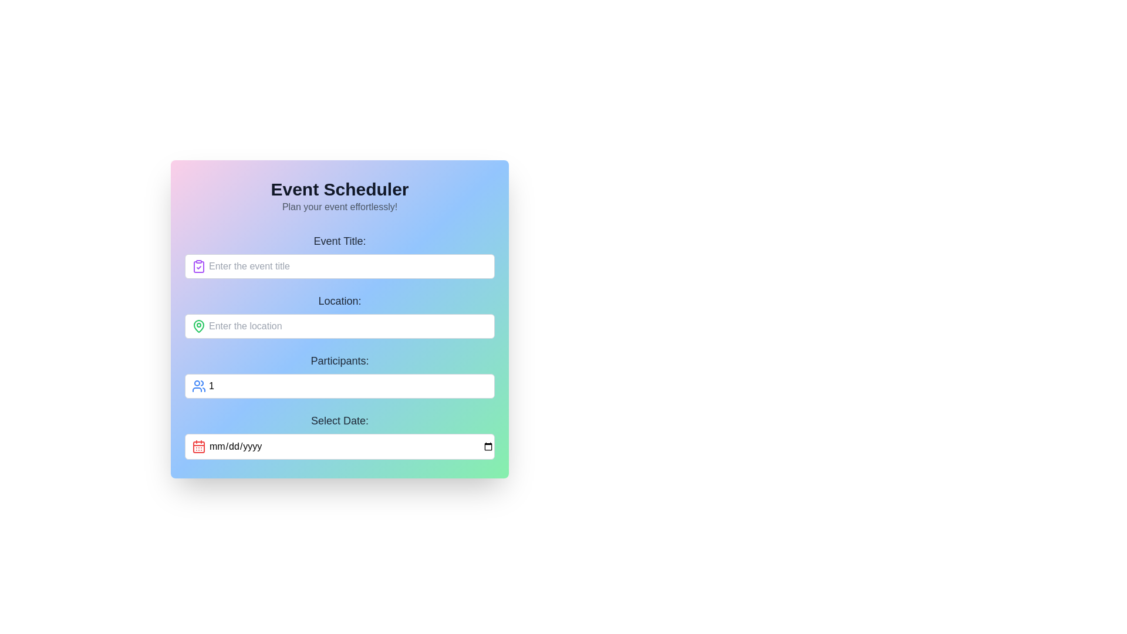  Describe the element at coordinates (339, 241) in the screenshot. I see `the text label that indicates the purpose for the nearby input field for the event title, which is positioned at the top of the form above the input field with placeholder 'Enter the event title'` at that location.